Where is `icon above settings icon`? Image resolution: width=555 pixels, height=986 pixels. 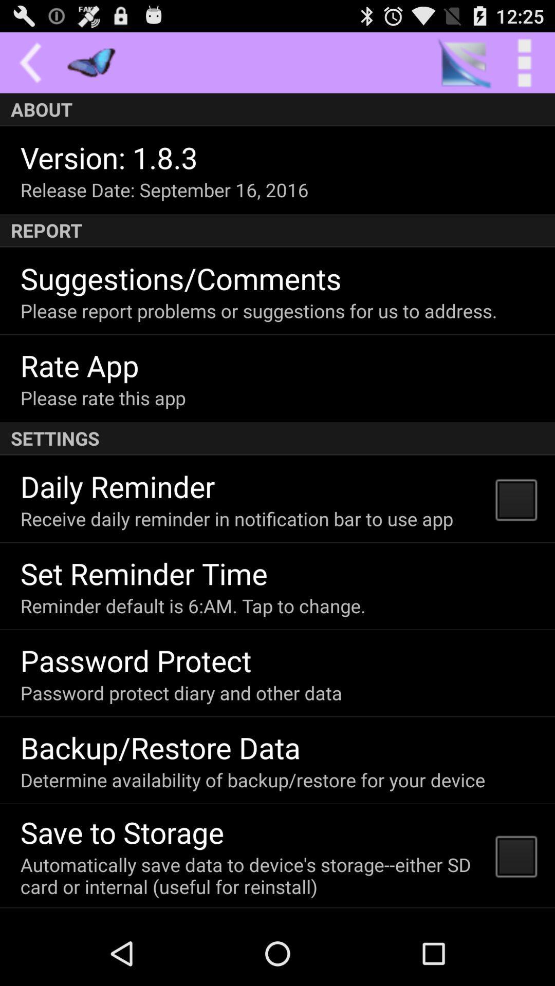
icon above settings icon is located at coordinates (103, 397).